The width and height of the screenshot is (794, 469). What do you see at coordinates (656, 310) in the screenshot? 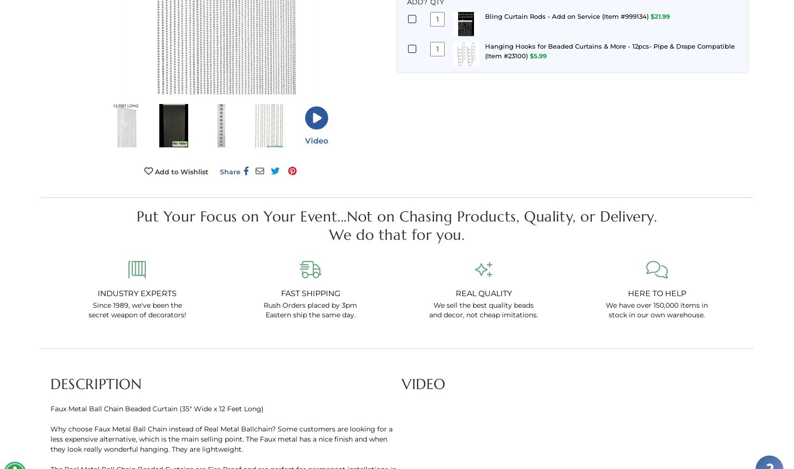
I see `'We have over 150,000 items in stock in our own warehouse.'` at bounding box center [656, 310].